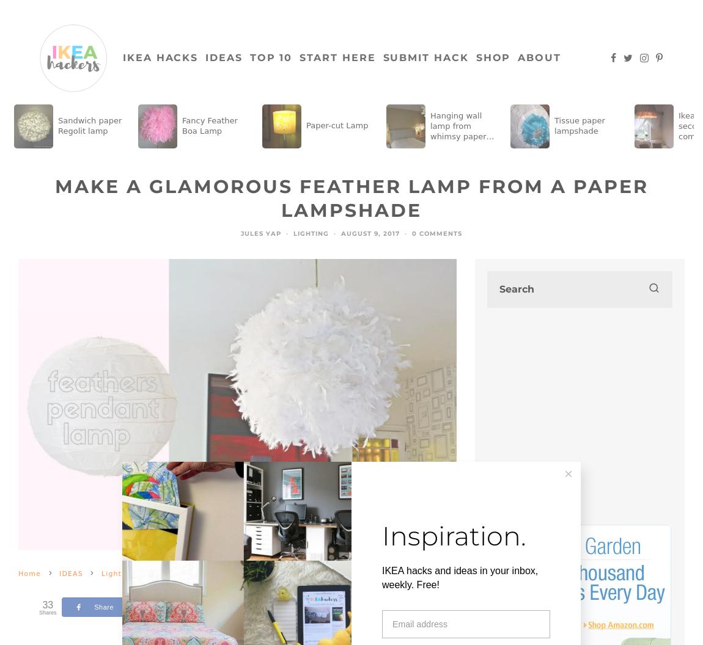 The width and height of the screenshot is (703, 645). Describe the element at coordinates (196, 631) in the screenshot. I see `'Type to search or hit ESC to close'` at that location.